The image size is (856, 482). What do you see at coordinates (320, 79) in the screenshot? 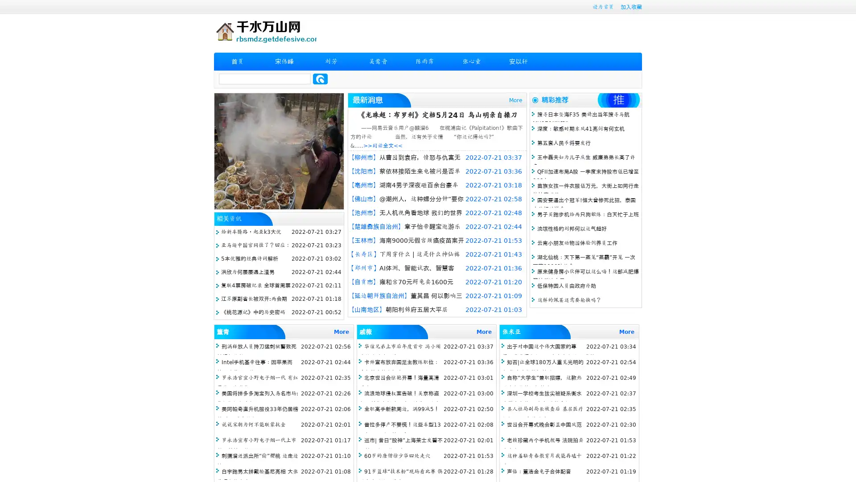
I see `Search` at bounding box center [320, 79].